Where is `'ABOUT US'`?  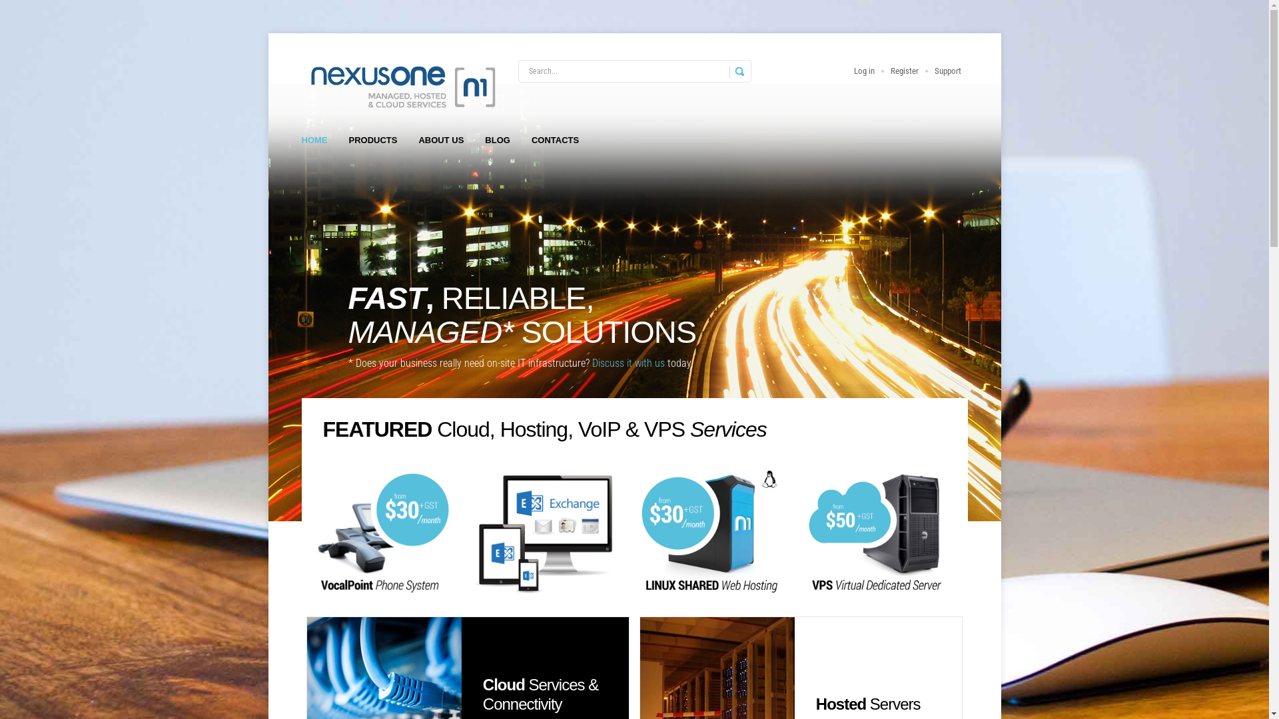 'ABOUT US' is located at coordinates (441, 140).